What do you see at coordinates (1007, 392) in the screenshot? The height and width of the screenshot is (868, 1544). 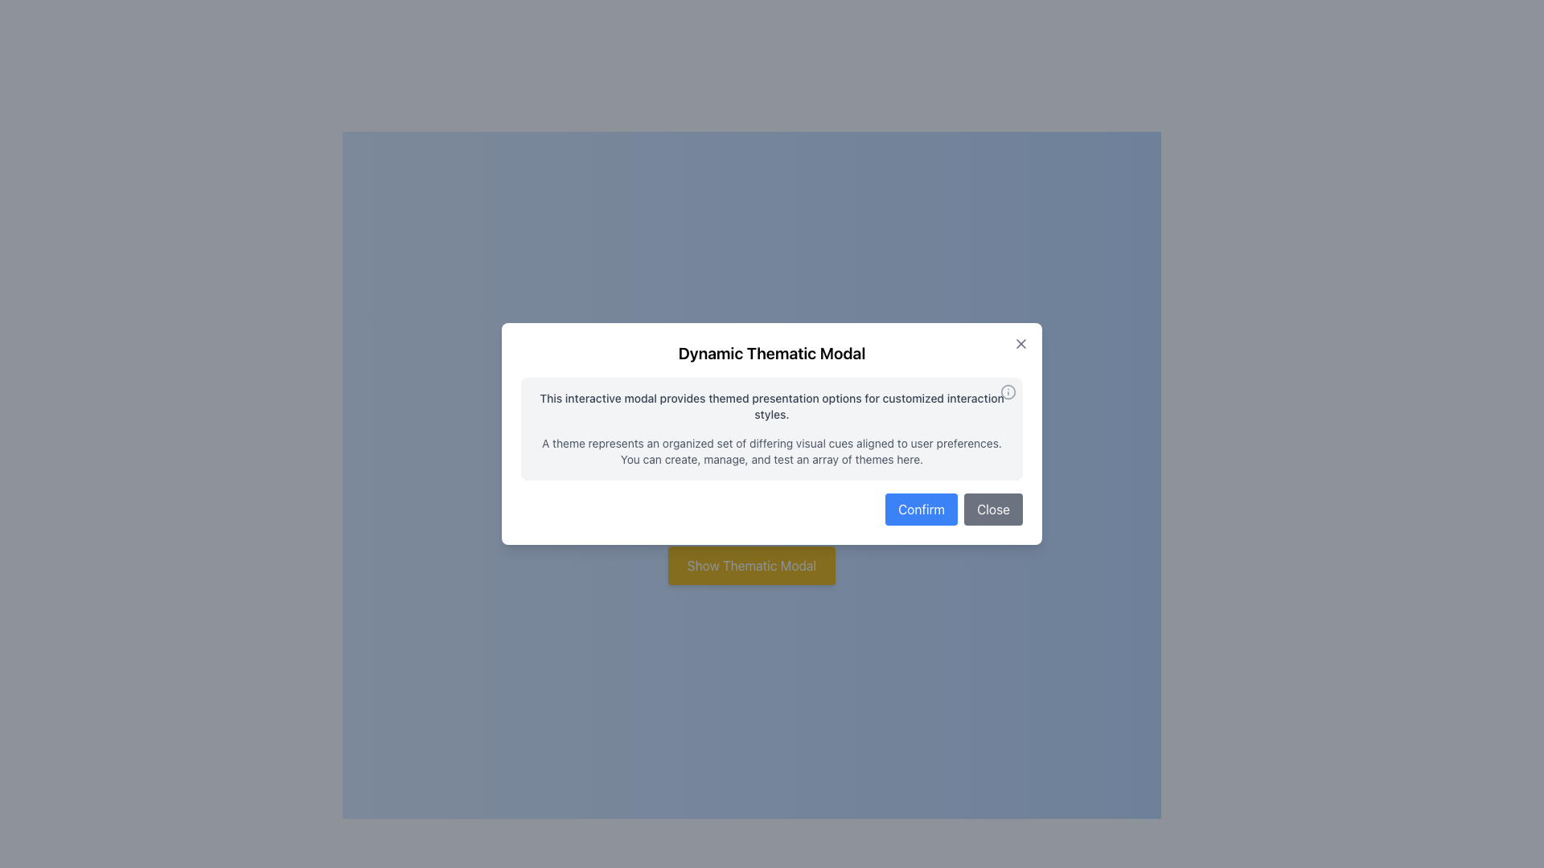 I see `the Icon Button located in the top-right corner of the modal box` at bounding box center [1007, 392].